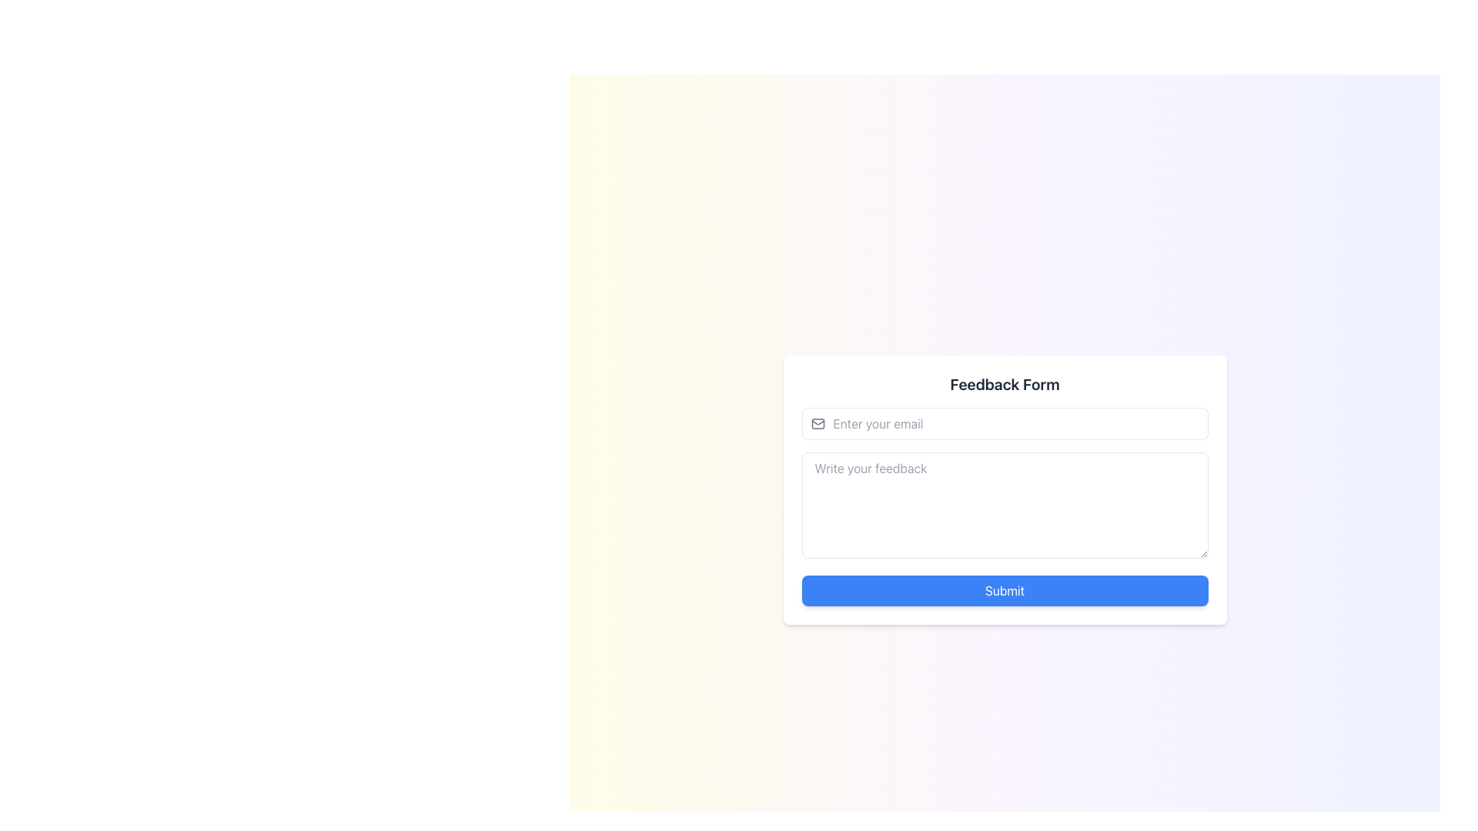 Image resolution: width=1478 pixels, height=831 pixels. Describe the element at coordinates (1005, 424) in the screenshot. I see `the email input field in the Feedback Form to focus it` at that location.